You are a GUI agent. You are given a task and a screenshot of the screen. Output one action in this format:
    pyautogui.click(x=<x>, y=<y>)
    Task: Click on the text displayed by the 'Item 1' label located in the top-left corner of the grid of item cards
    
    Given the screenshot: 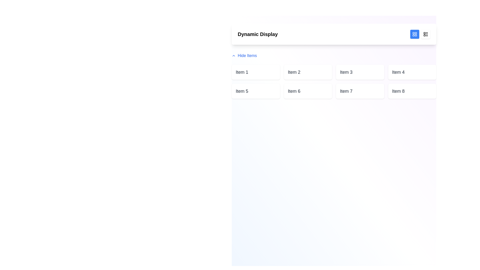 What is the action you would take?
    pyautogui.click(x=242, y=72)
    